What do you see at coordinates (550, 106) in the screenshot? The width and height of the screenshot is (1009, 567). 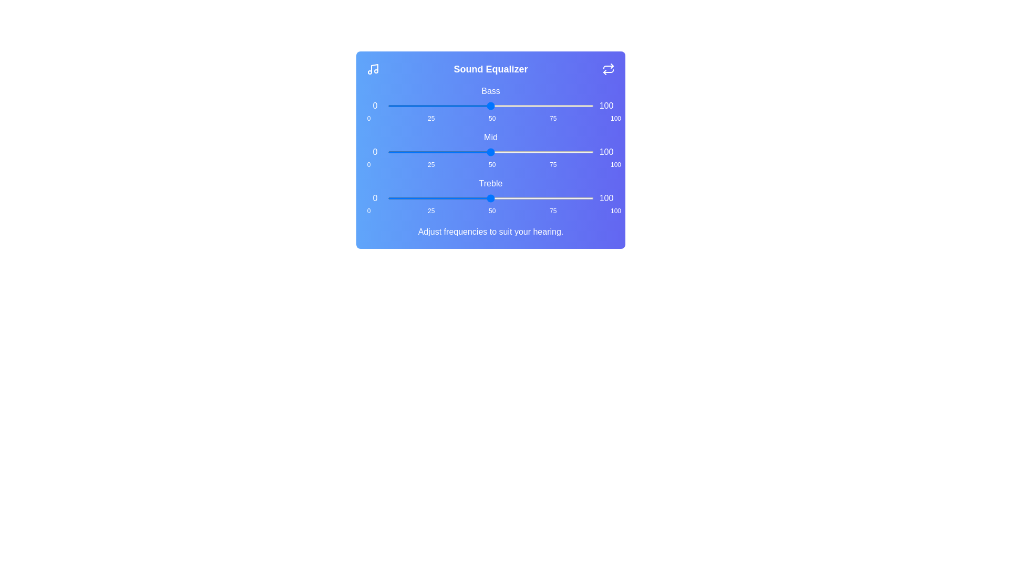 I see `the bass slider to 79%` at bounding box center [550, 106].